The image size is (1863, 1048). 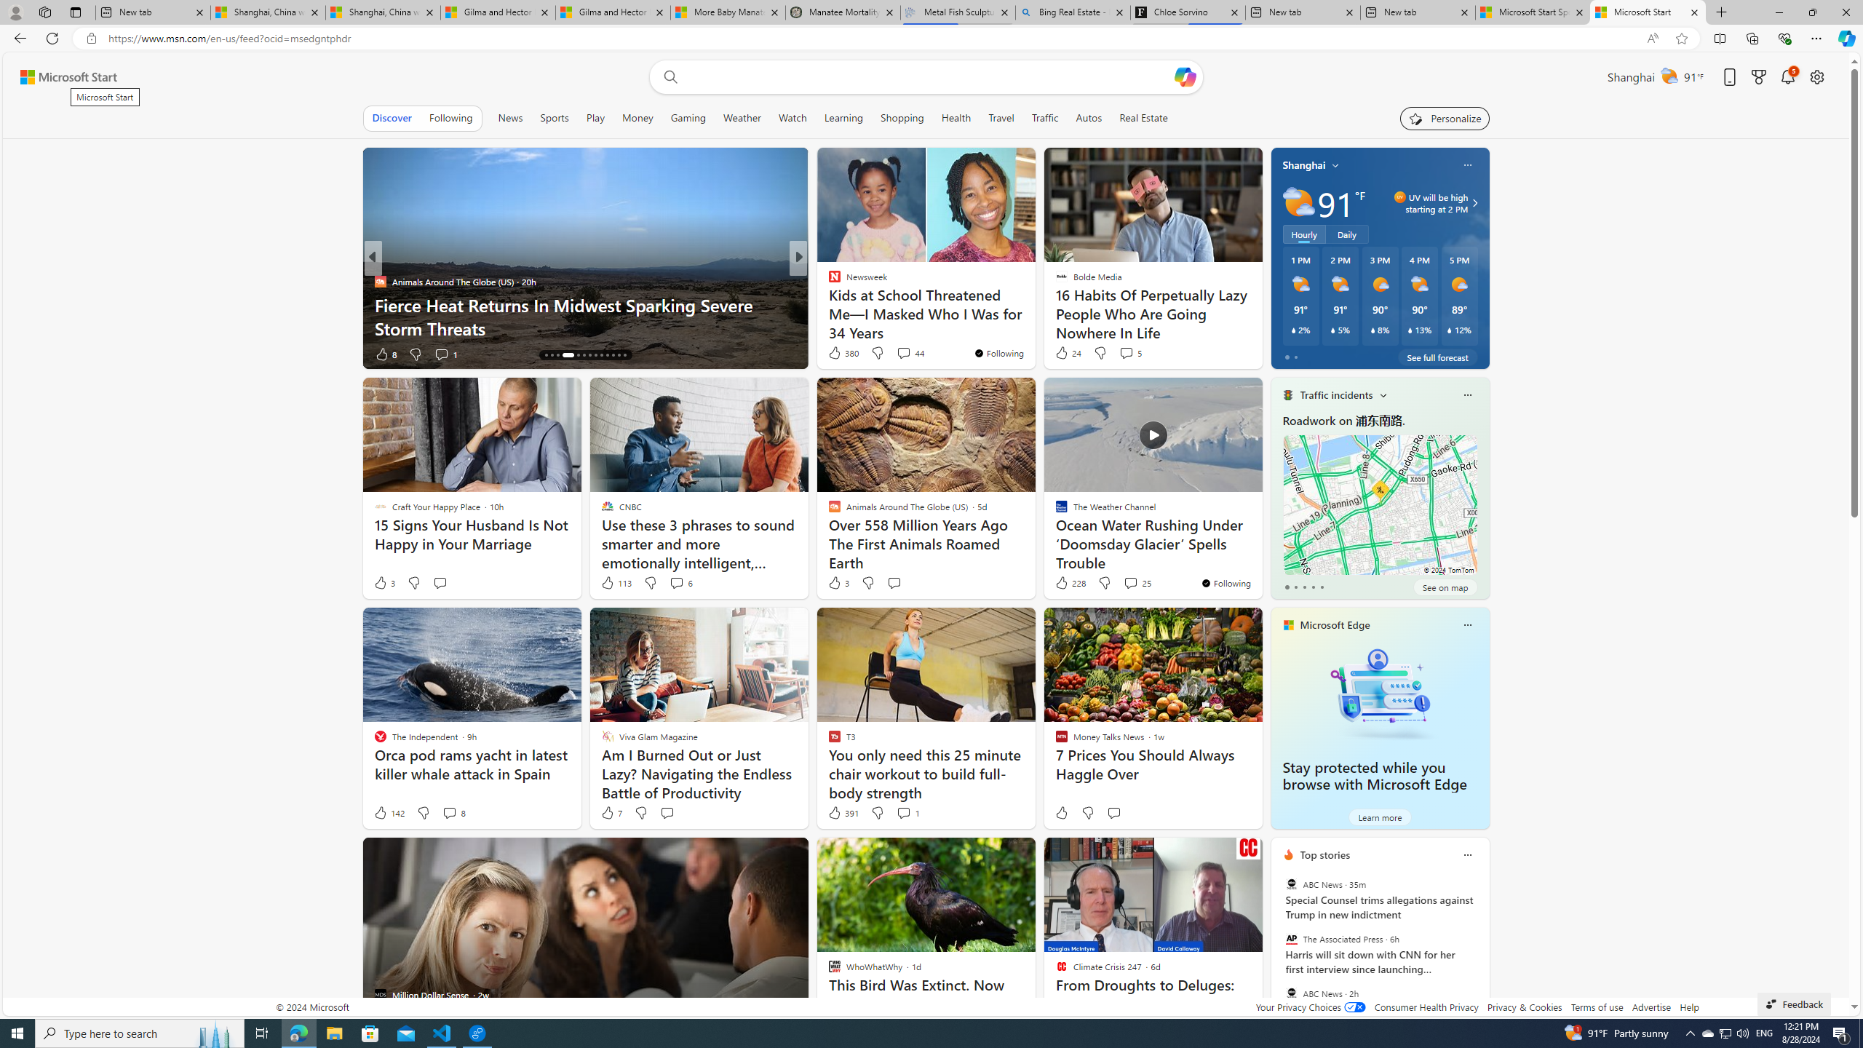 What do you see at coordinates (899, 354) in the screenshot?
I see `'View comments 196 Comment'` at bounding box center [899, 354].